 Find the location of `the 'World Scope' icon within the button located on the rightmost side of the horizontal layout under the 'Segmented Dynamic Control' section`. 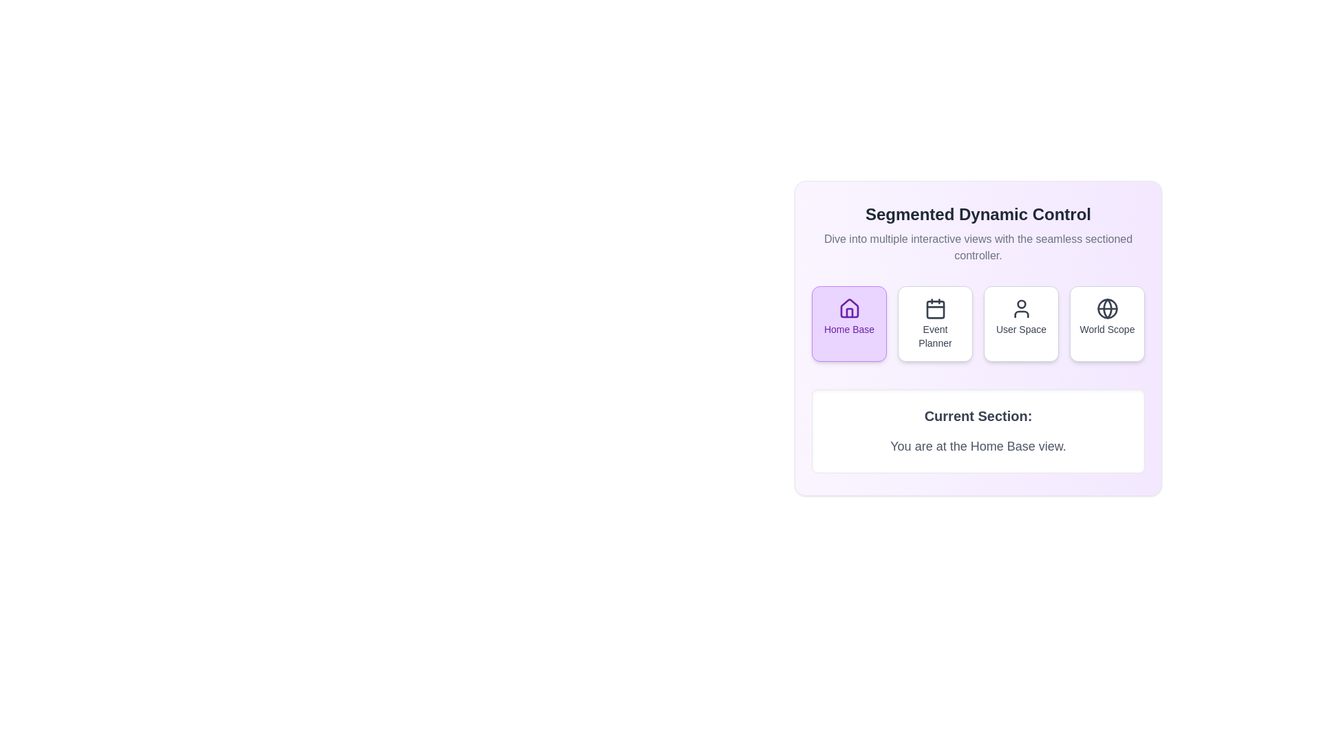

the 'World Scope' icon within the button located on the rightmost side of the horizontal layout under the 'Segmented Dynamic Control' section is located at coordinates (1107, 308).